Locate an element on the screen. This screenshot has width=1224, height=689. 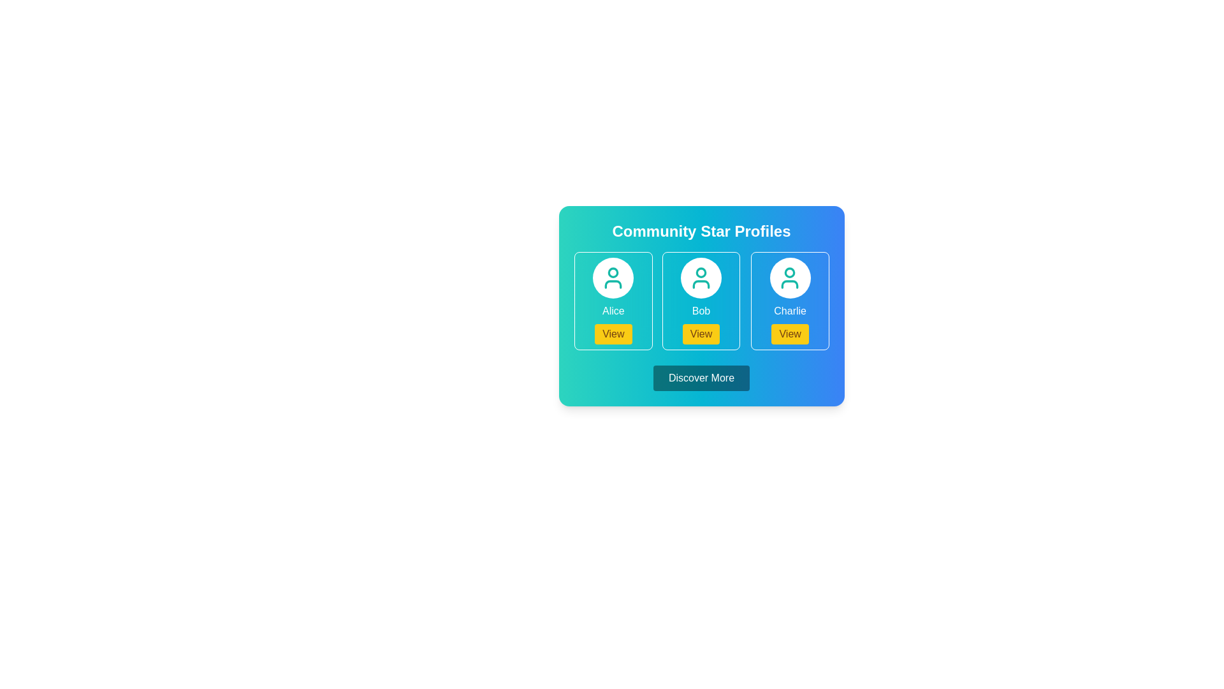
the Static Text element that displays the name associated with the central user profile, located beneath the user avatar and above the 'View' button is located at coordinates (701, 311).